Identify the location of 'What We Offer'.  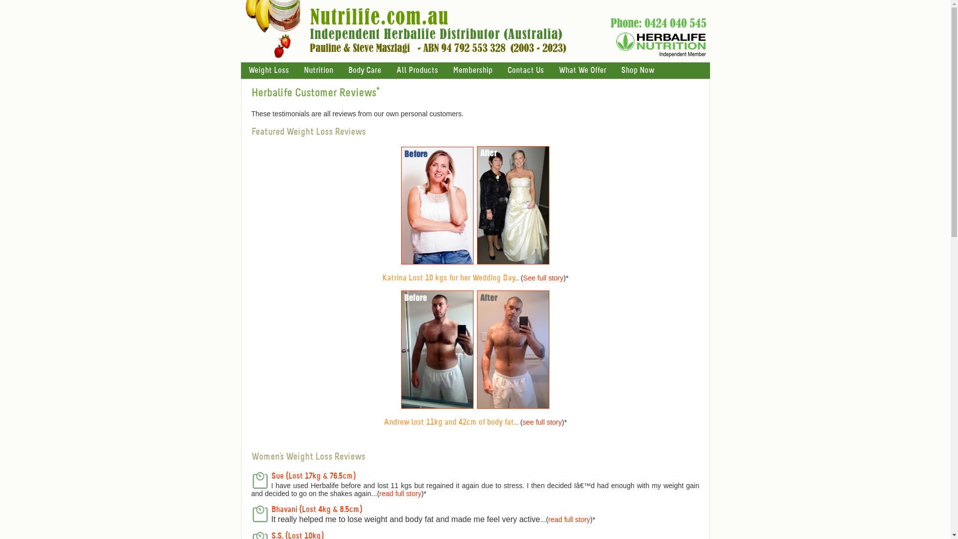
(582, 70).